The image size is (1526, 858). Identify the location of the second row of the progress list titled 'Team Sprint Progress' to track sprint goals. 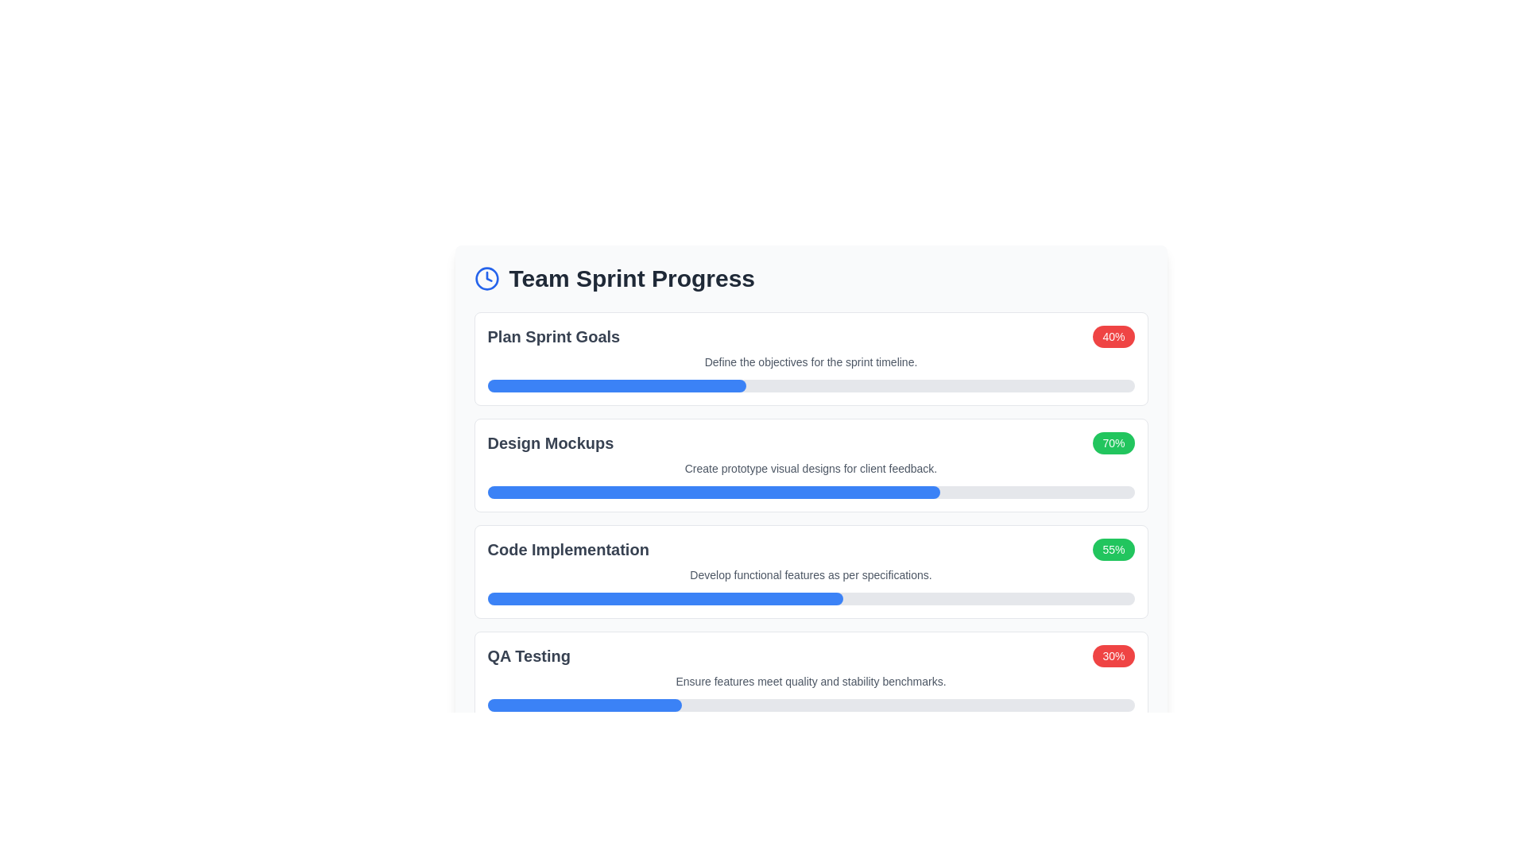
(810, 443).